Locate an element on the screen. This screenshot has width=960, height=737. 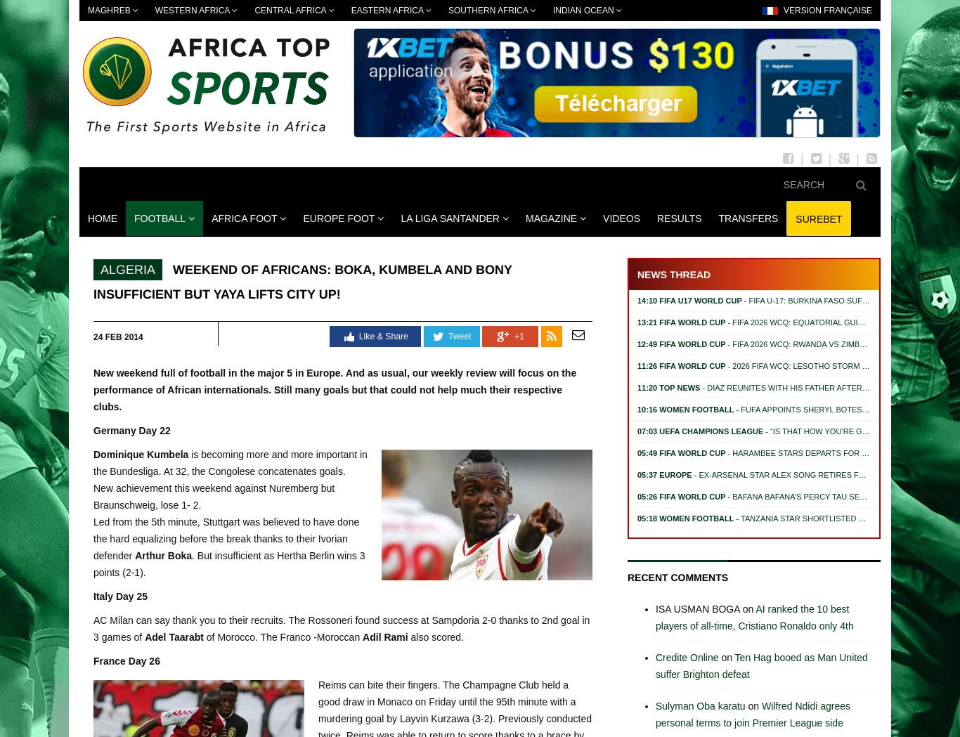
'Ten Hag booed as Man United suffer Brighton defeat' is located at coordinates (655, 665).